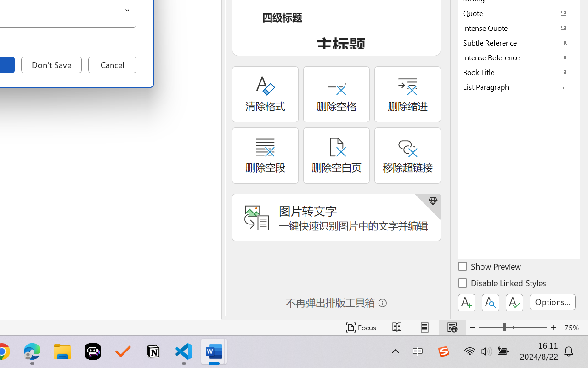 The width and height of the screenshot is (588, 368). I want to click on 'Notion', so click(153, 351).